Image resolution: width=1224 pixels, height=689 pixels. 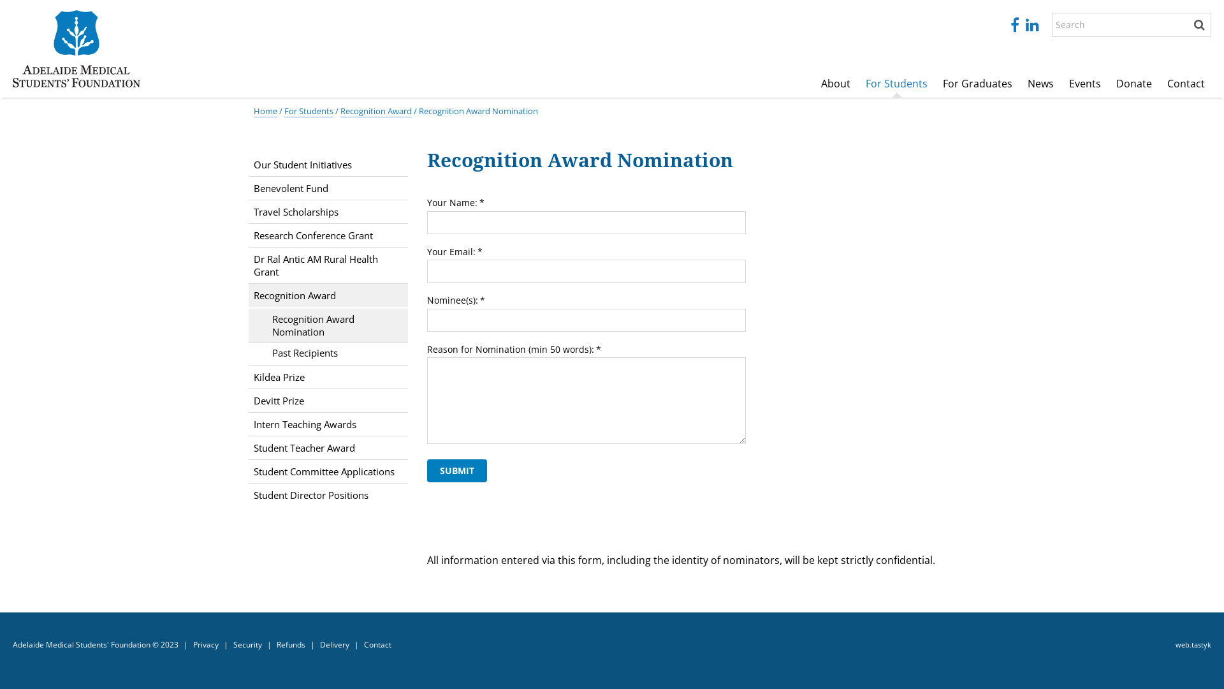 I want to click on 'Research Conference Grant', so click(x=328, y=235).